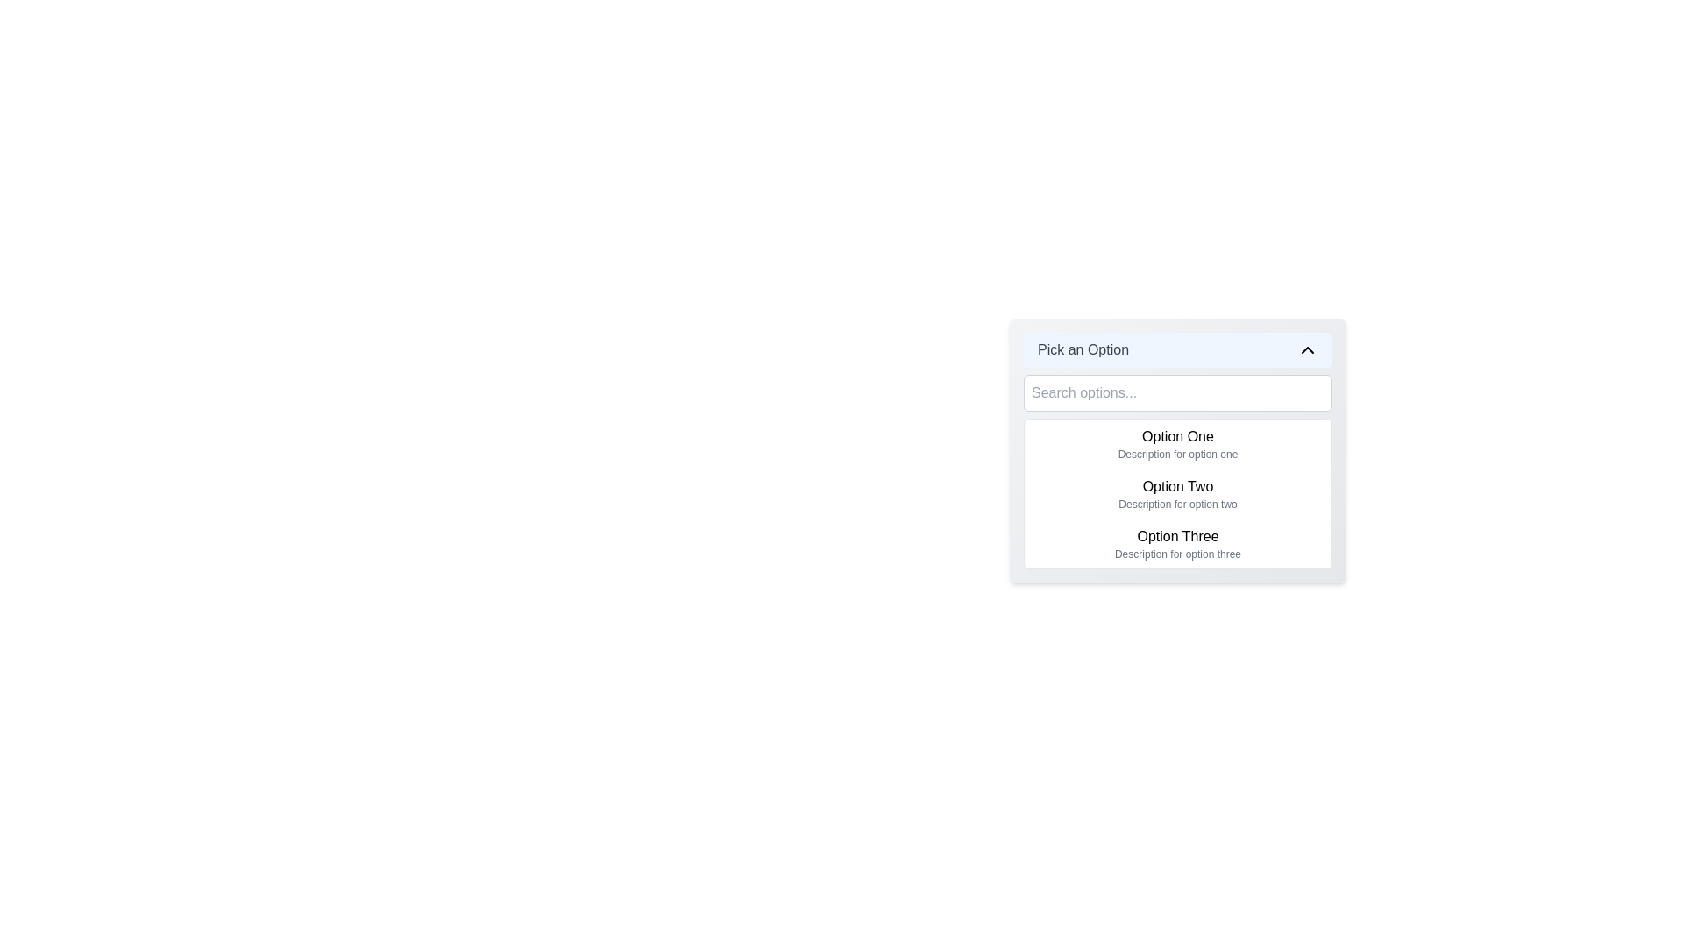  Describe the element at coordinates (1308, 350) in the screenshot. I see `the upwards triangle icon in the upper right corner of the section labeled 'Pick an Option'` at that location.